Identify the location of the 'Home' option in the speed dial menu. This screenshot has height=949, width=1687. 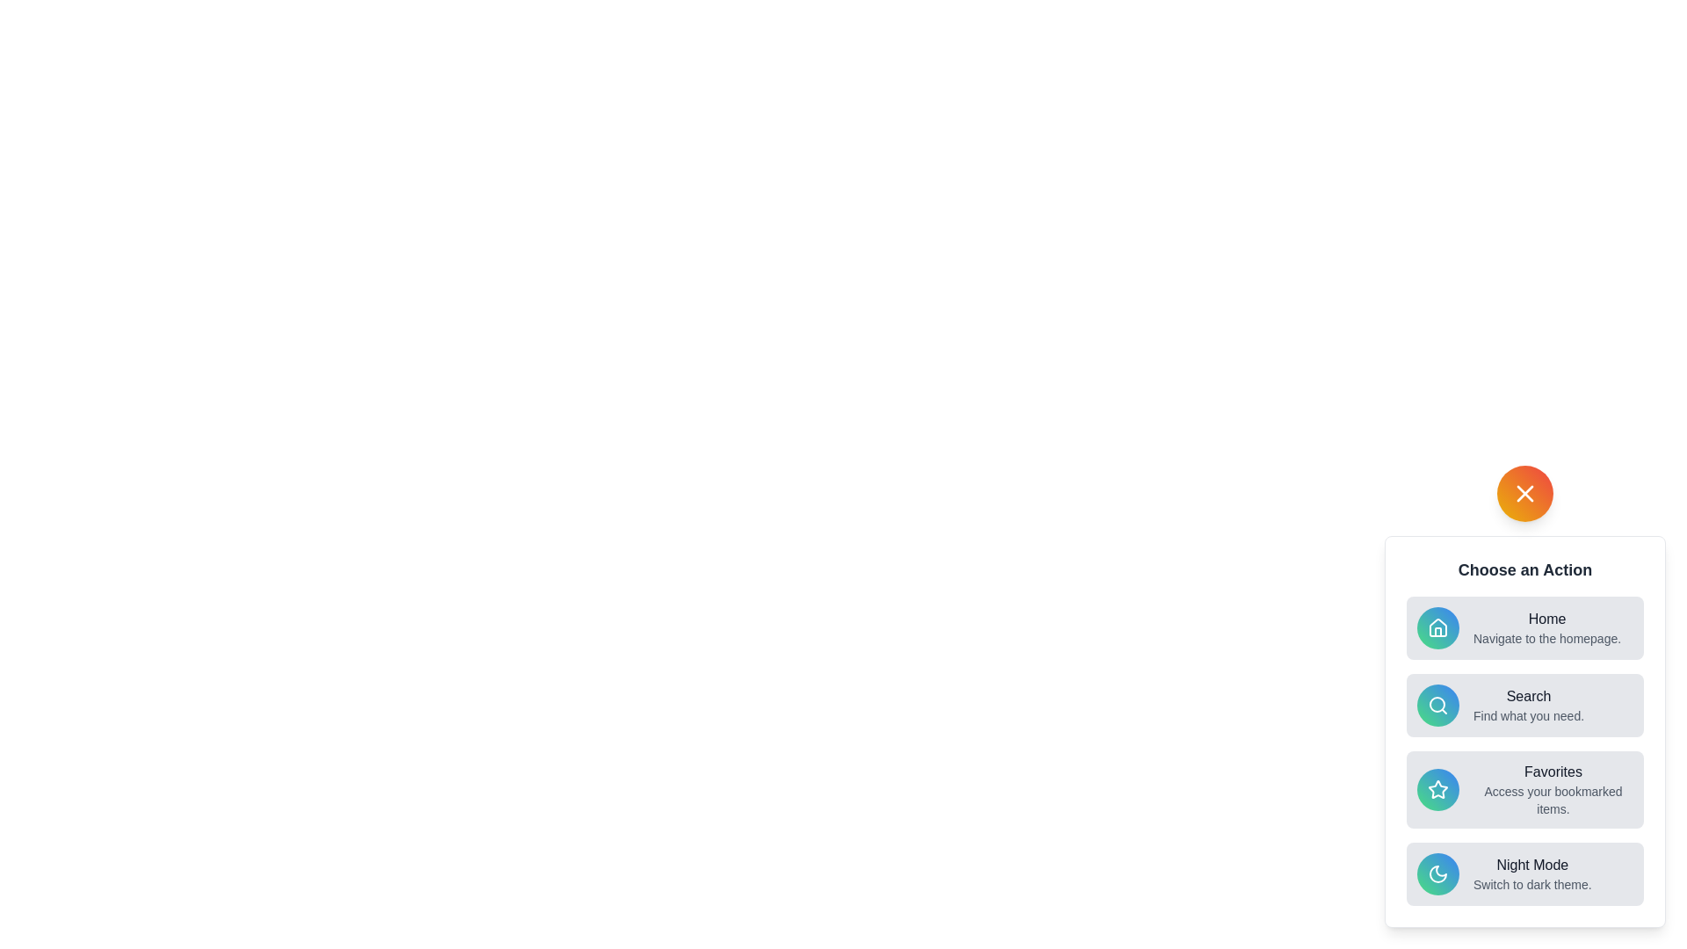
(1524, 627).